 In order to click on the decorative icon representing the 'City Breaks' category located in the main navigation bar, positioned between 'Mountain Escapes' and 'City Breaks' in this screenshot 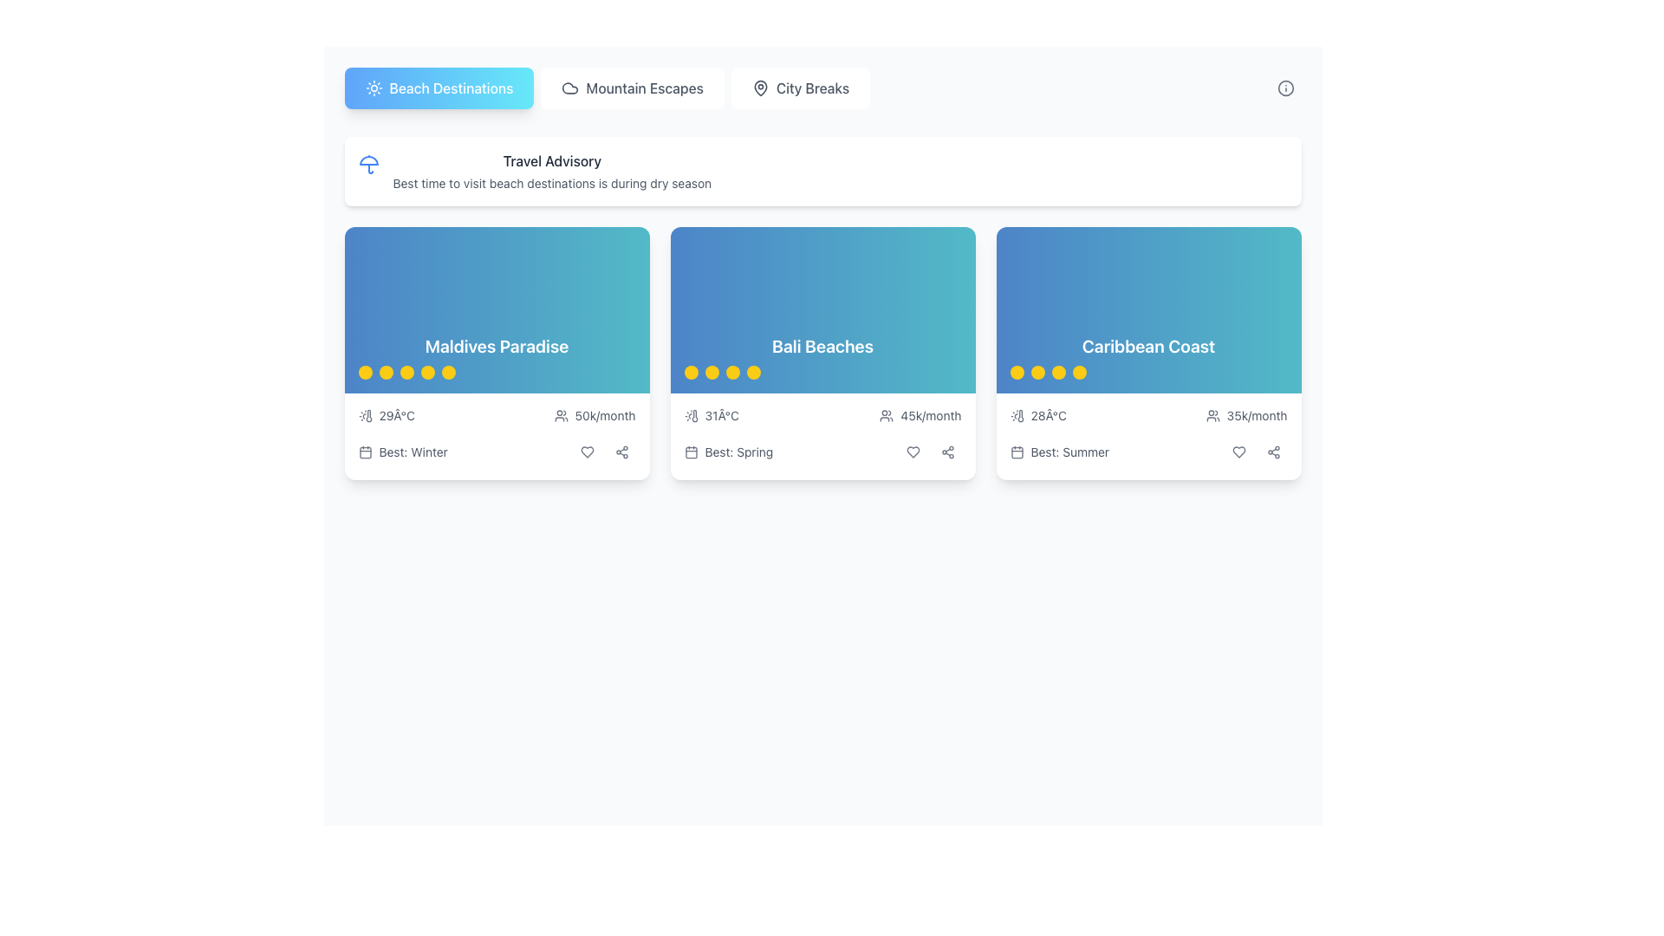, I will do `click(760, 88)`.